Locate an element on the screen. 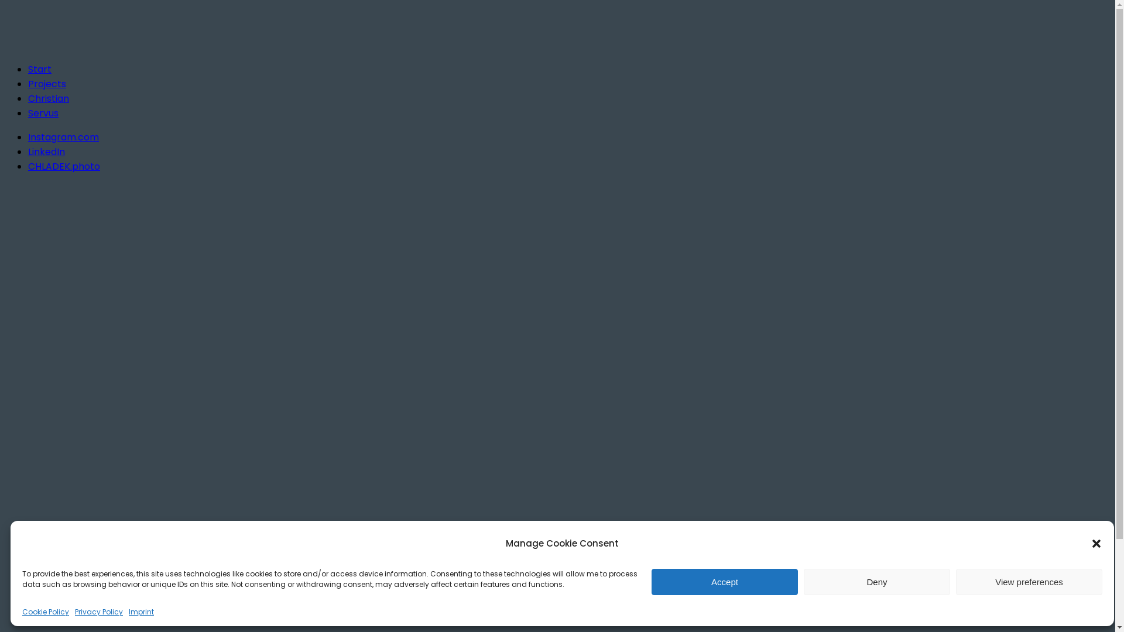 The image size is (1124, 632). 'Christian' is located at coordinates (47, 98).